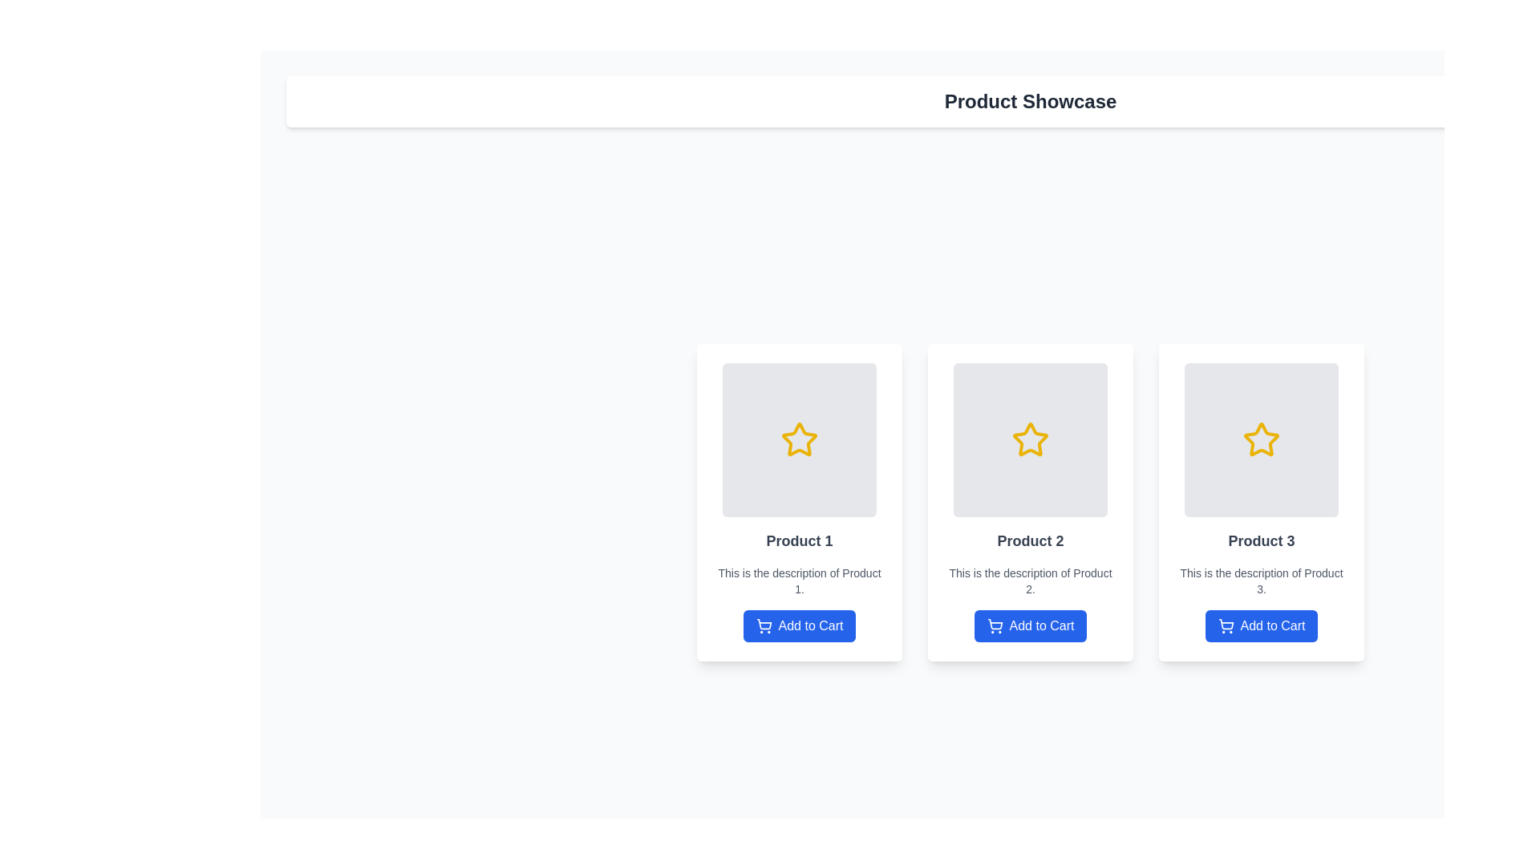  I want to click on the shopping cart icon within the blue 'Add to Cart' button for Product 3, so click(1225, 625).